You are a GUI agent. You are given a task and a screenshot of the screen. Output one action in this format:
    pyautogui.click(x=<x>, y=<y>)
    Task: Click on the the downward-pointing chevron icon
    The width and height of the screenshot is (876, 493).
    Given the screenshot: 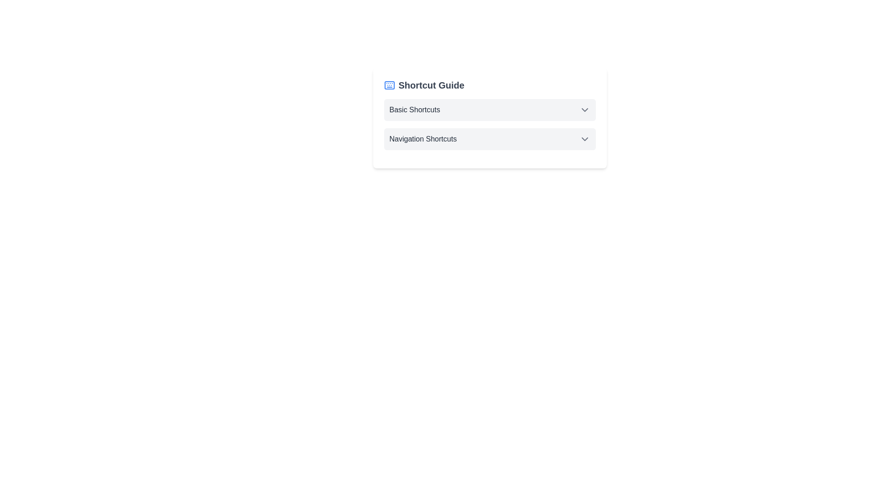 What is the action you would take?
    pyautogui.click(x=584, y=109)
    